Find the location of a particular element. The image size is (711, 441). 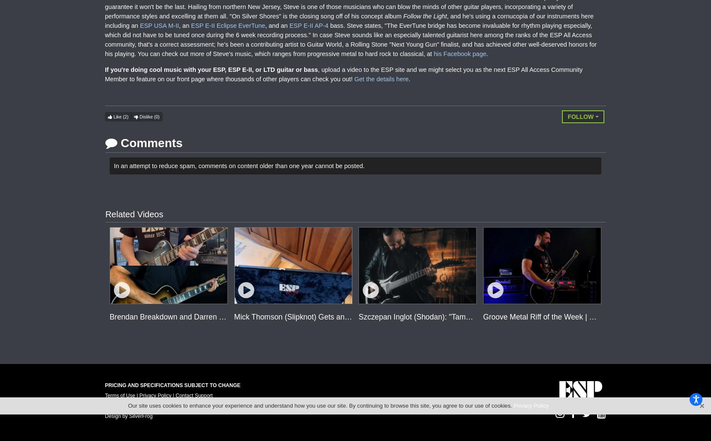

'Szczepan Inglot (Shodan): "Tamed In Unison" (playthrough)' is located at coordinates (457, 316).